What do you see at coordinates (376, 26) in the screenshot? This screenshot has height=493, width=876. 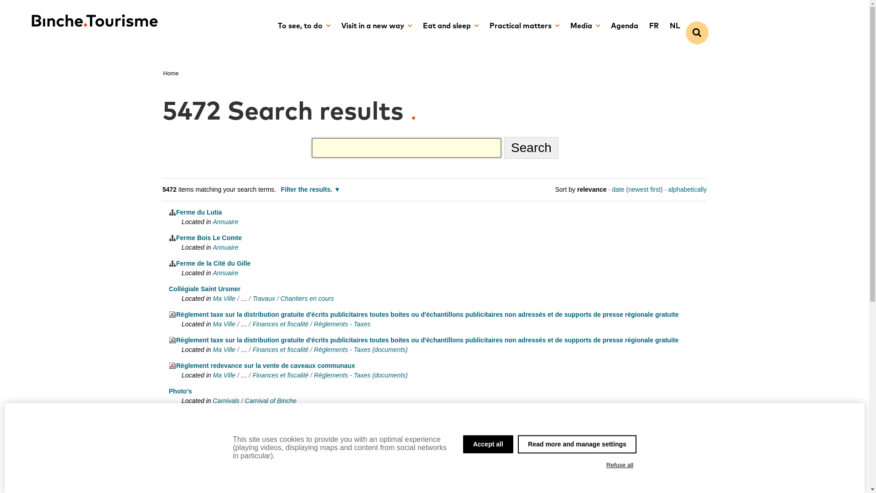 I see `'Visit in a new way'` at bounding box center [376, 26].